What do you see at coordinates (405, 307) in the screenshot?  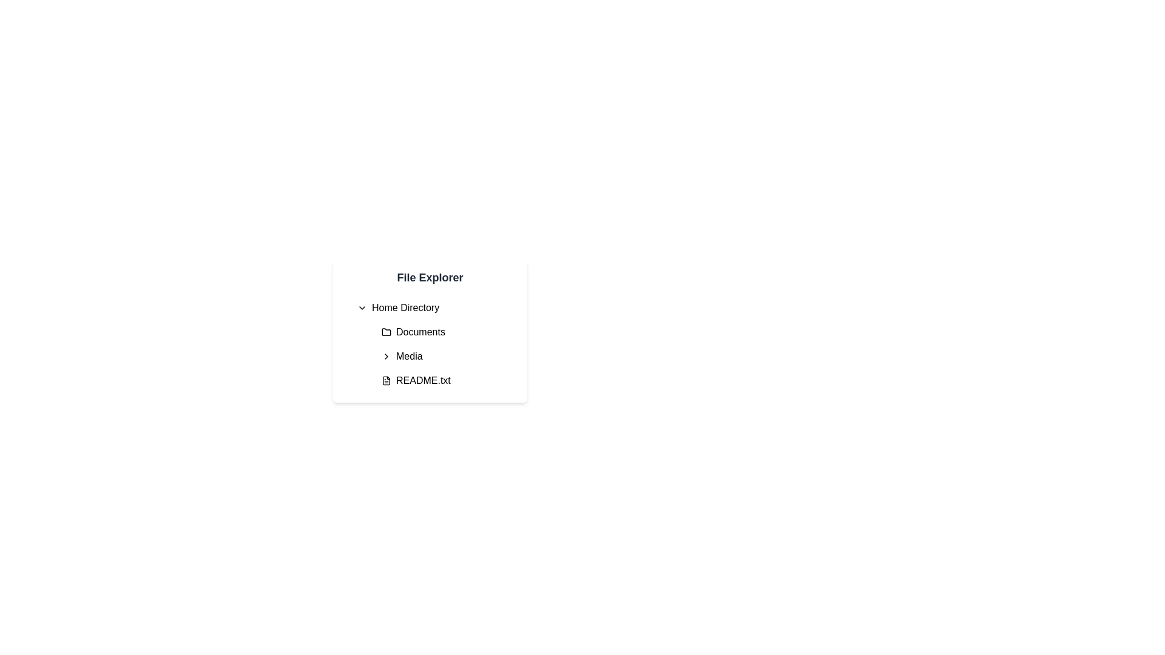 I see `the 'Home Directory' text label` at bounding box center [405, 307].